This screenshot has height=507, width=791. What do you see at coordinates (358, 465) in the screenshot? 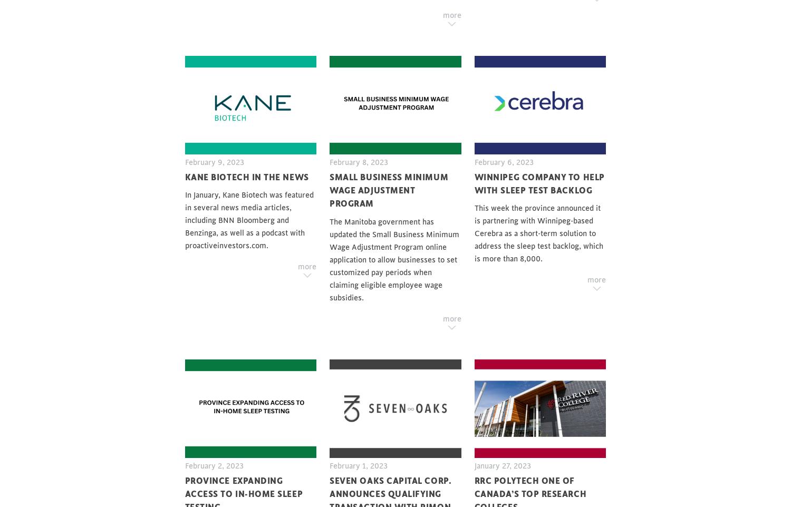
I see `'February 1, 2023'` at bounding box center [358, 465].